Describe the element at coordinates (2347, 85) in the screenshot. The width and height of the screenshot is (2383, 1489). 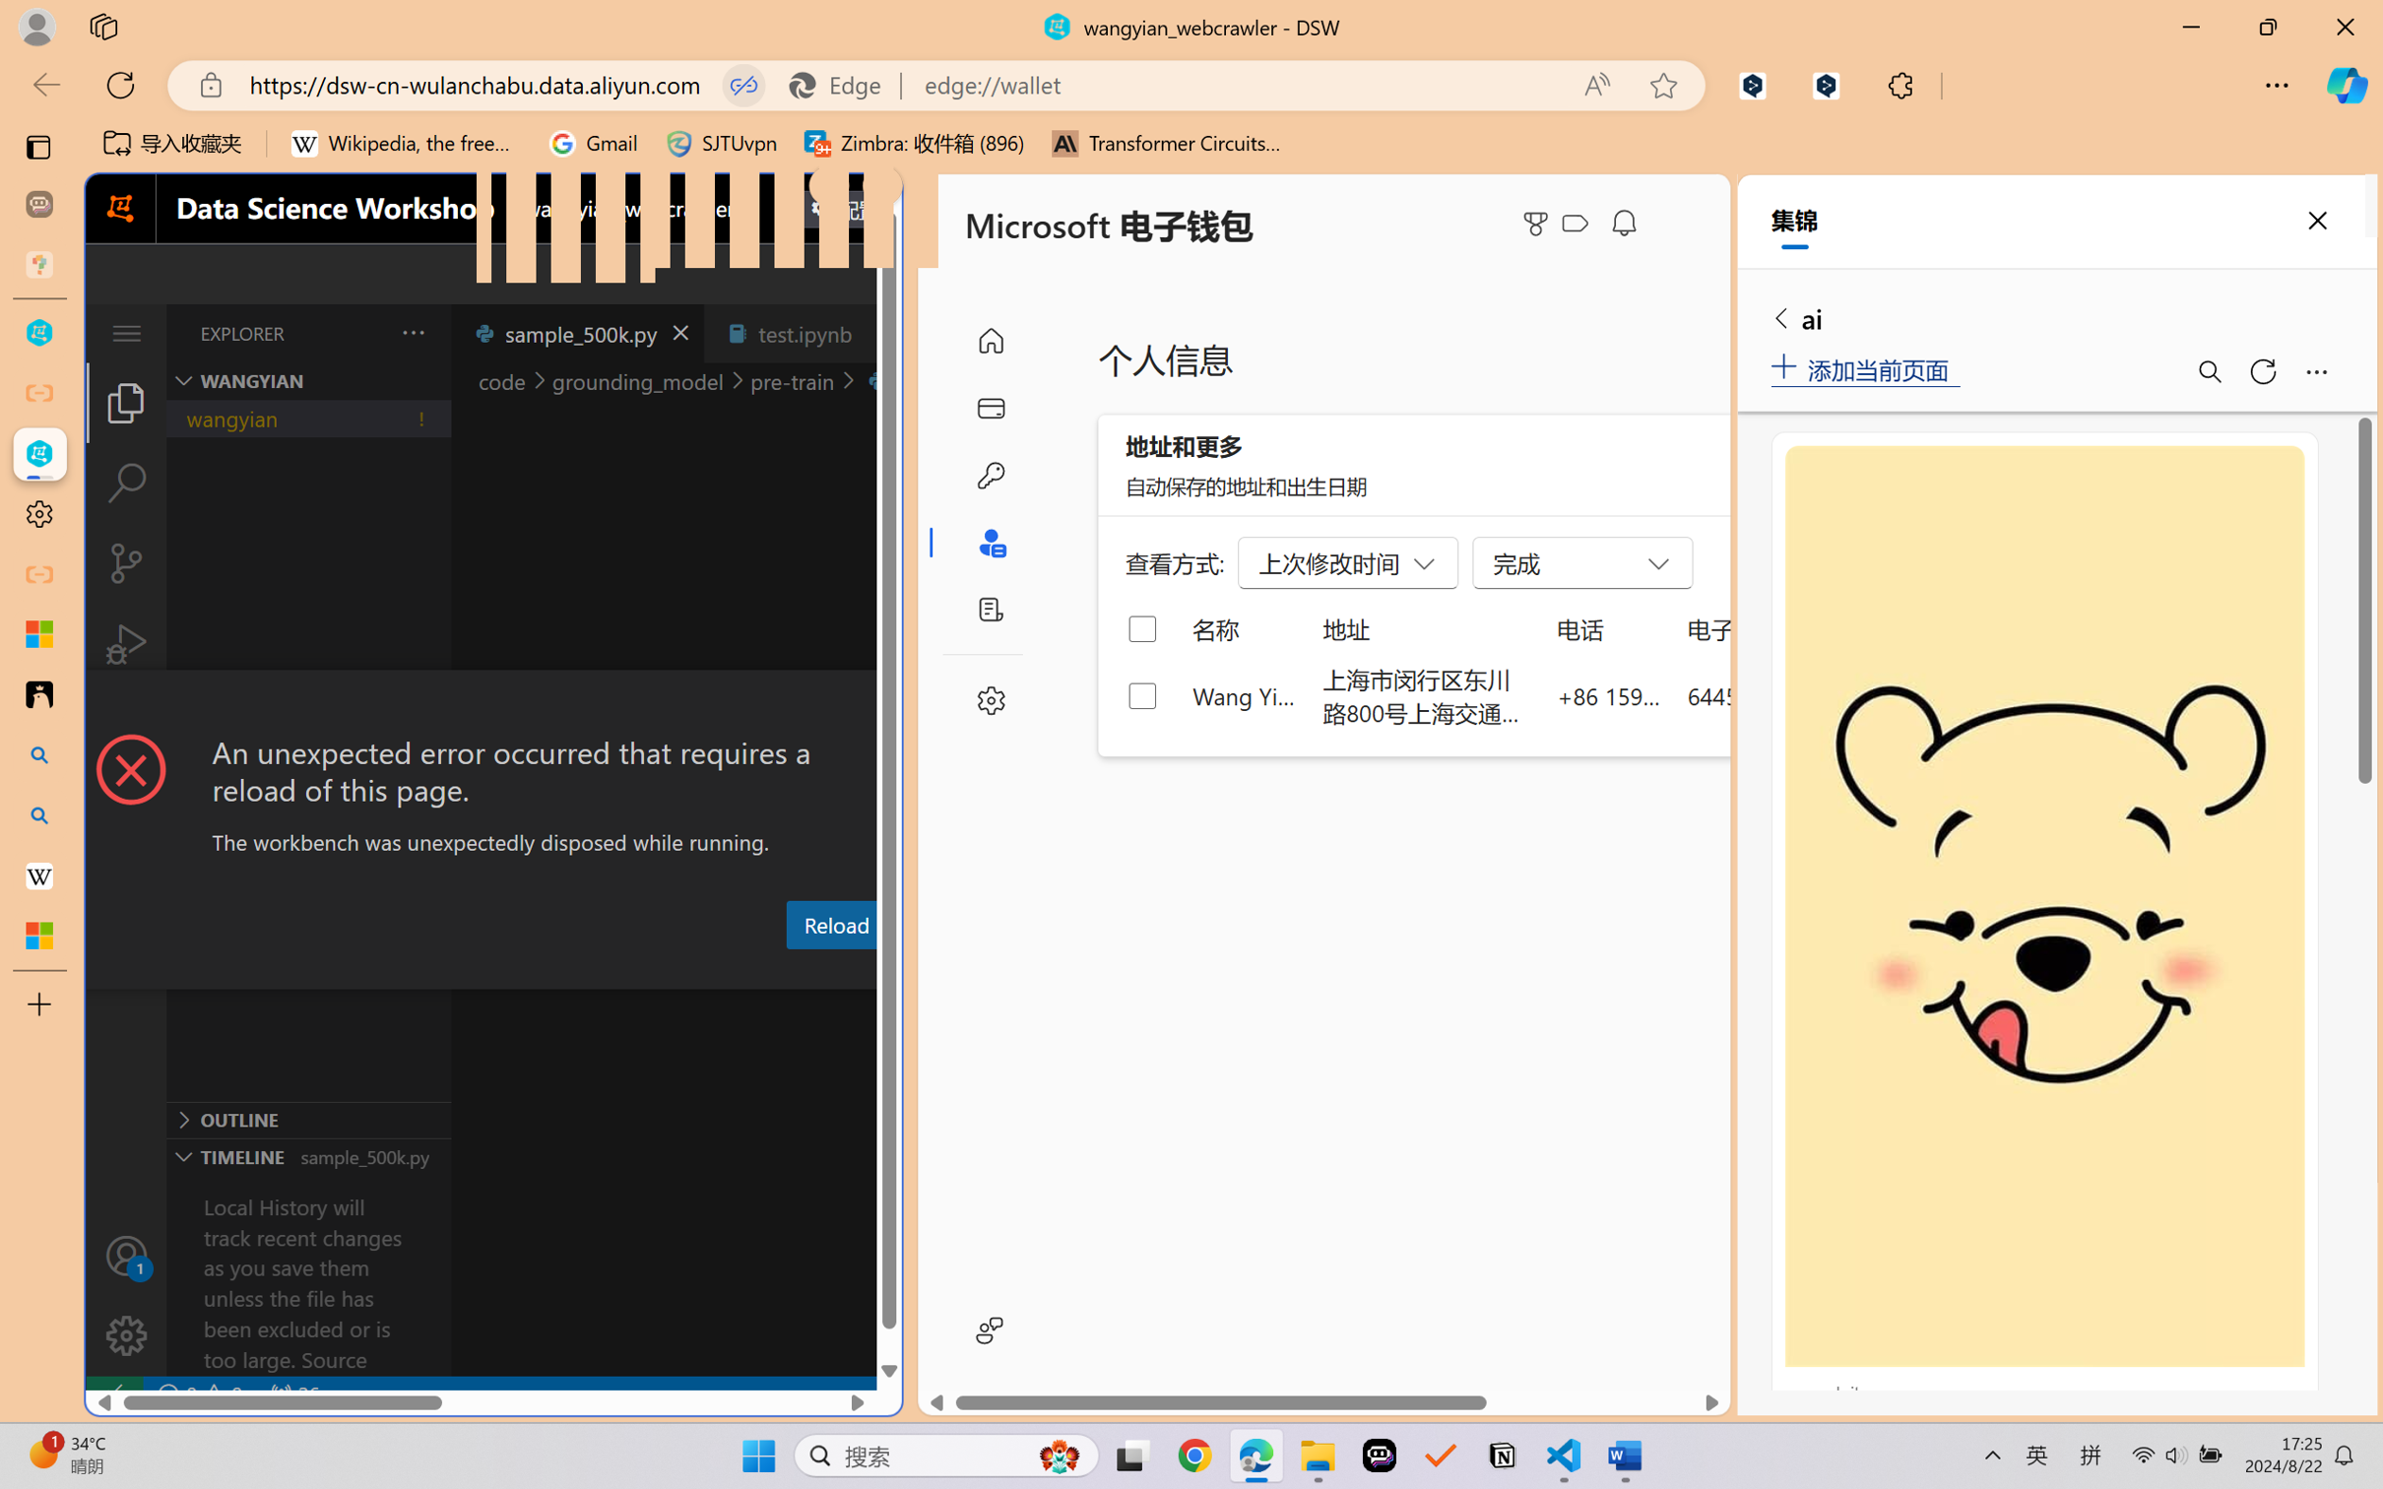
I see `'Copilot (Ctrl+Shift+.)'` at that location.